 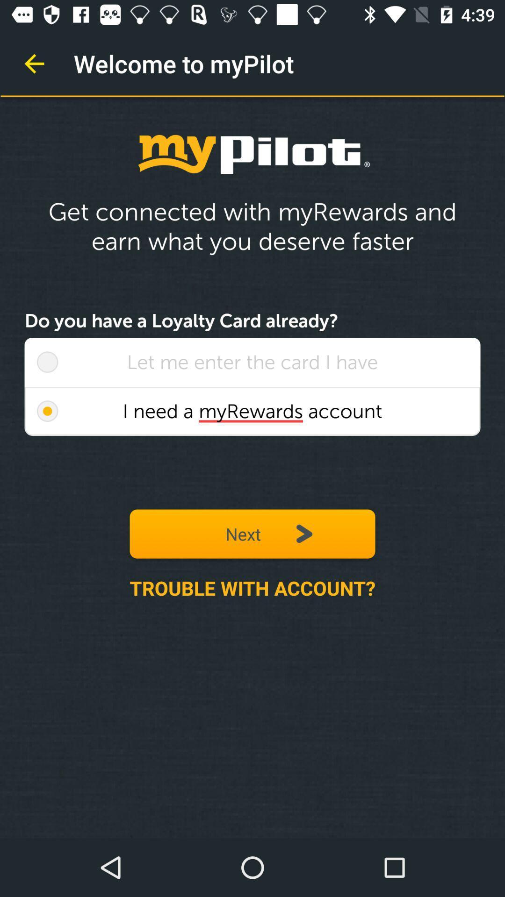 I want to click on the icon below next, so click(x=252, y=587).